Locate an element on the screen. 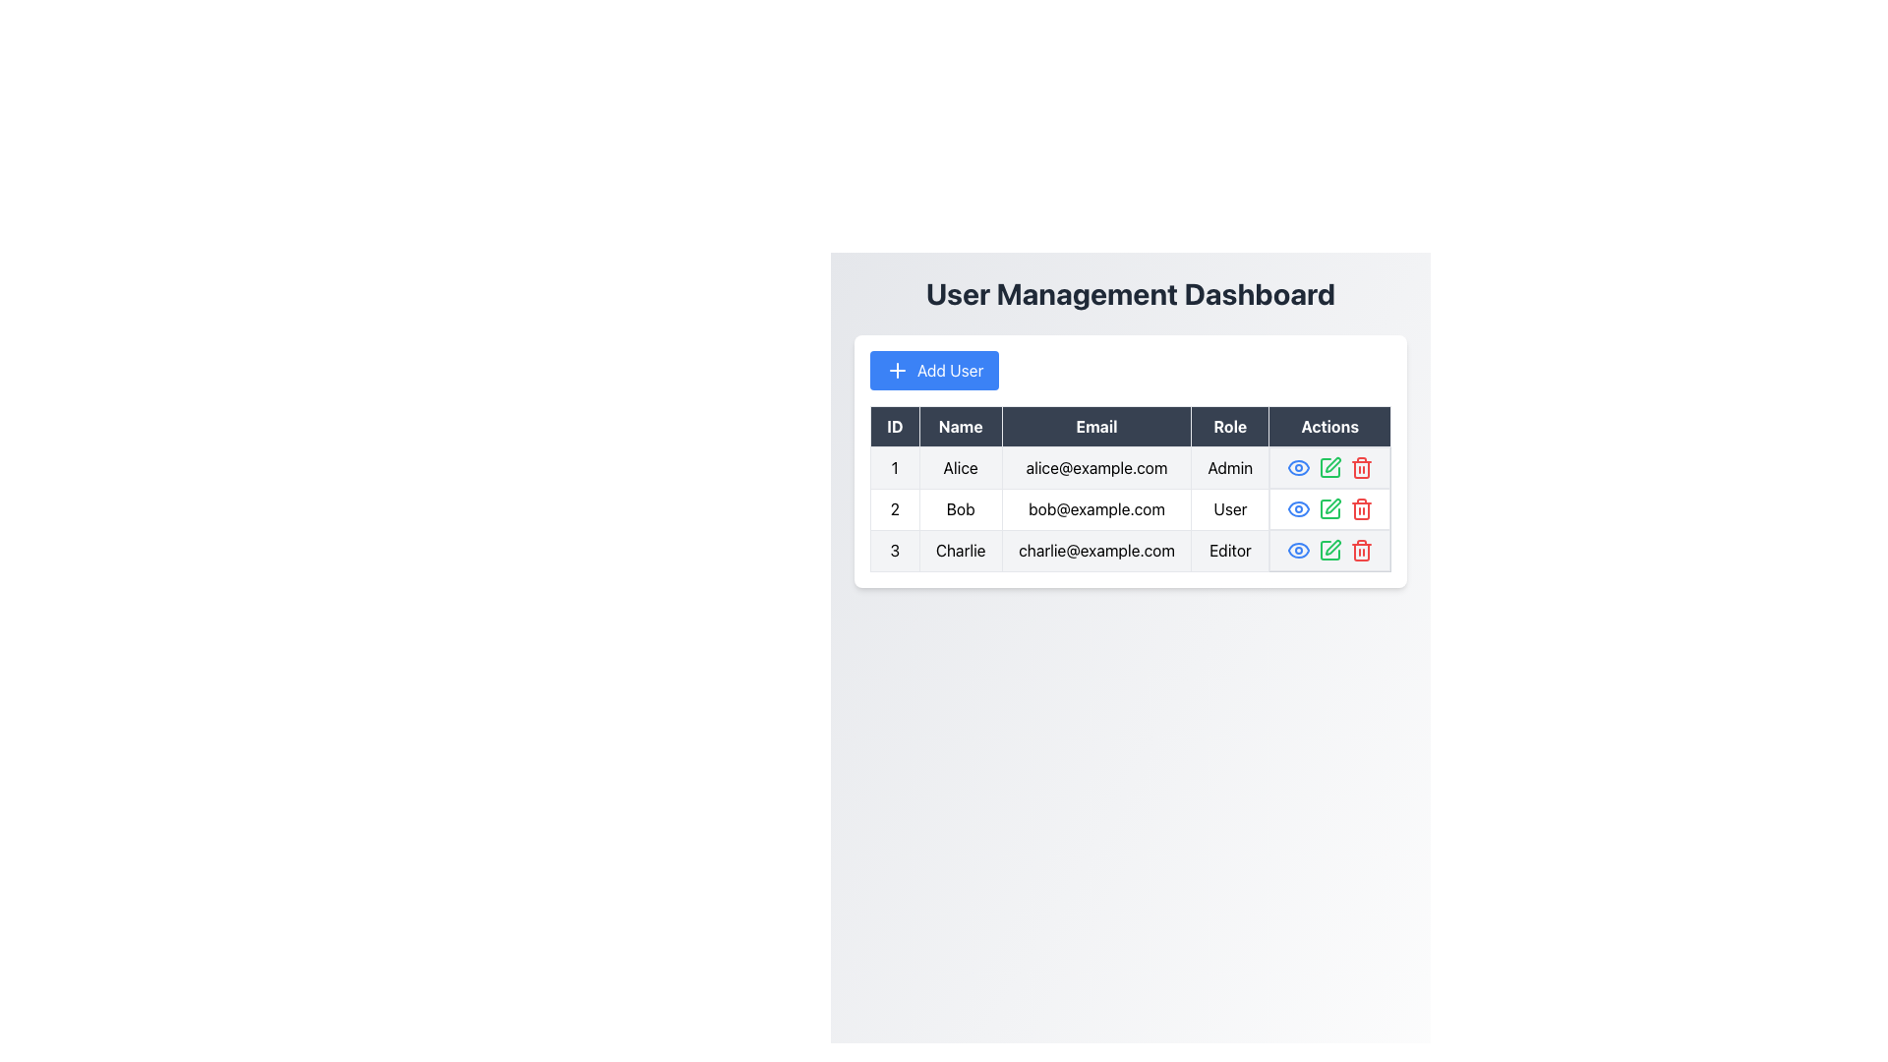  the static text field displaying the email address 'charlie@example.com', which is the third item in the 'Email' column corresponding to user 'Charlie' is located at coordinates (1095, 551).